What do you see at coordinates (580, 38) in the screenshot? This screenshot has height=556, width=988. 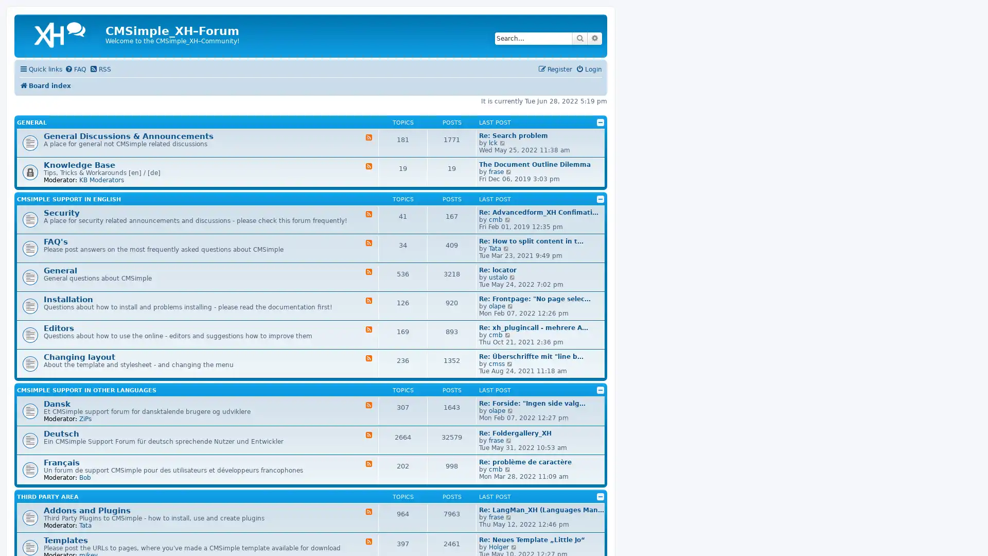 I see `Search` at bounding box center [580, 38].